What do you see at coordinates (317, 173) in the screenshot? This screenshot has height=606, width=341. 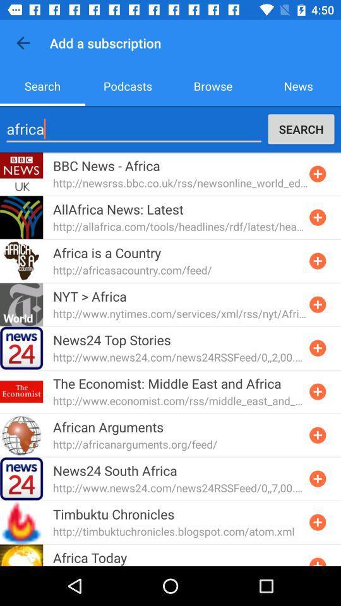 I see `button` at bounding box center [317, 173].